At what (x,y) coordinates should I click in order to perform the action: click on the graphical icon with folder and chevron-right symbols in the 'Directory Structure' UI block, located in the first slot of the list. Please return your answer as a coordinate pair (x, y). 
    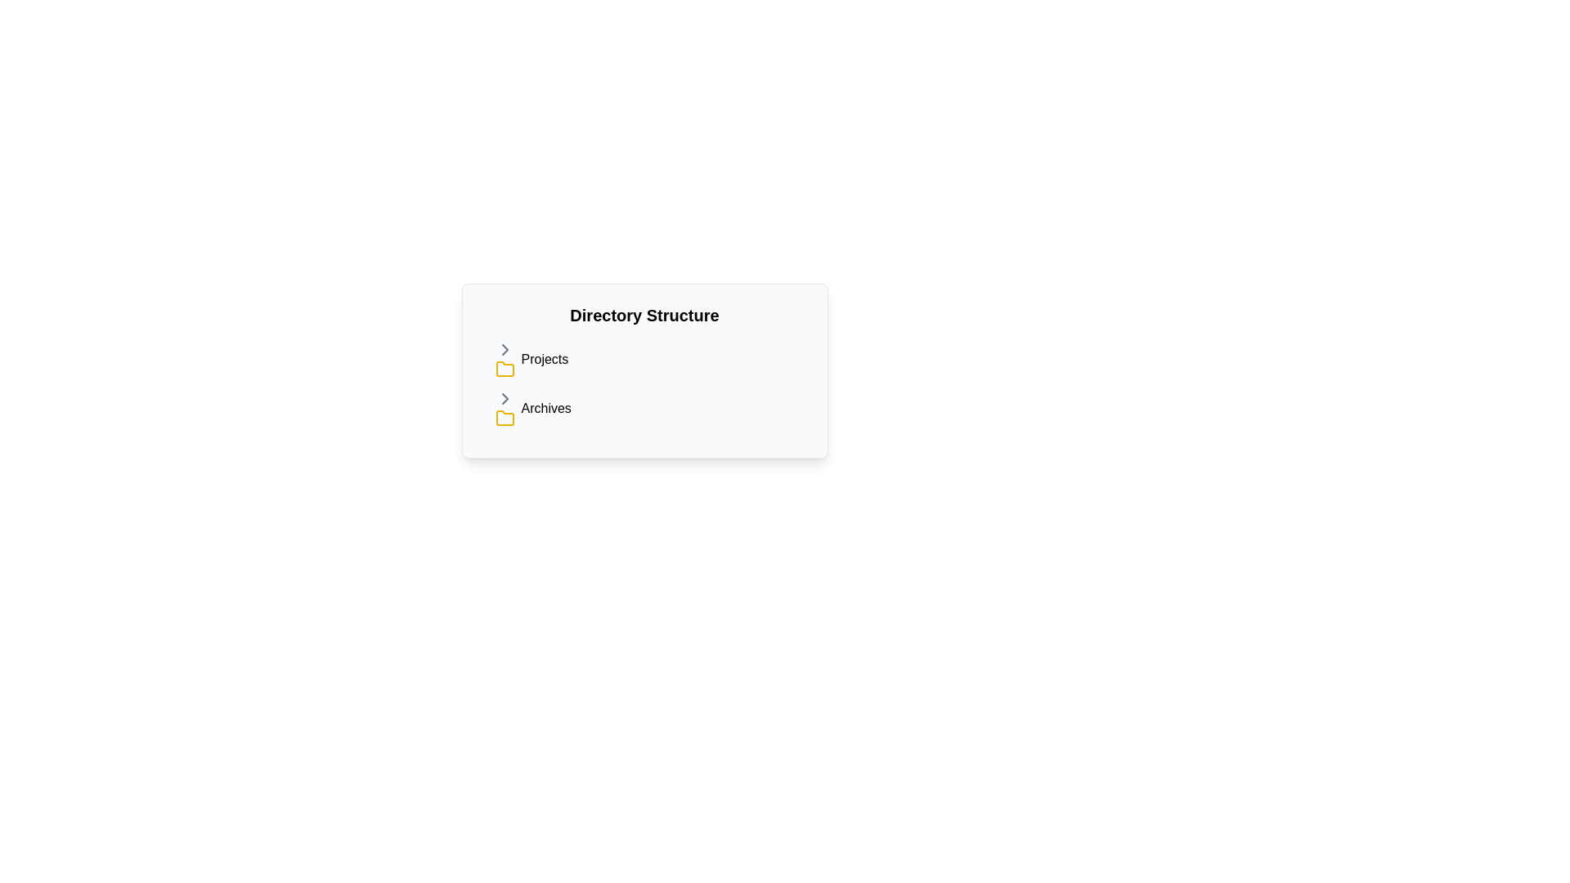
    Looking at the image, I should click on (507, 358).